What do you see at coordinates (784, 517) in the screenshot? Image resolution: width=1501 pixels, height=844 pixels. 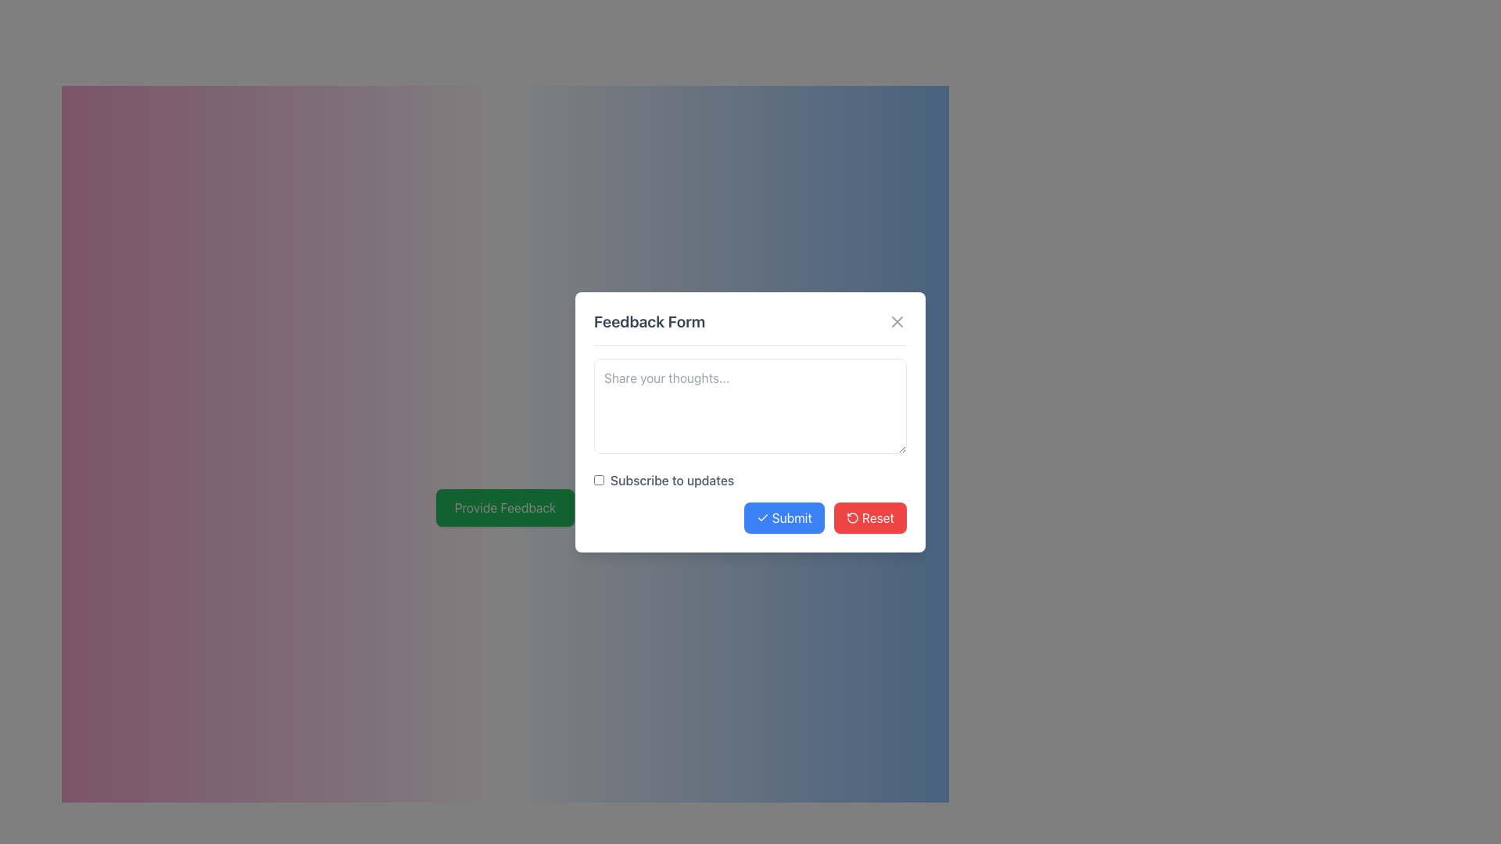 I see `the 'Submit' button with a blue background and a checkmark icon located in the lower-right section of the 'Feedback Form' modal` at bounding box center [784, 517].